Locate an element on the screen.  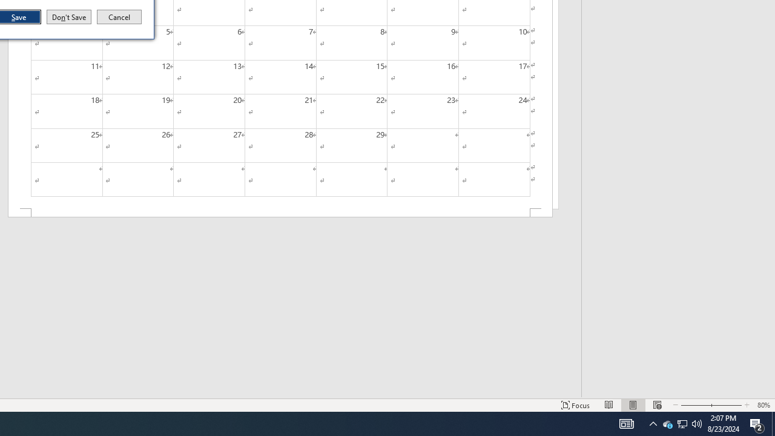
'User Promoted Notification Area' is located at coordinates (667, 423).